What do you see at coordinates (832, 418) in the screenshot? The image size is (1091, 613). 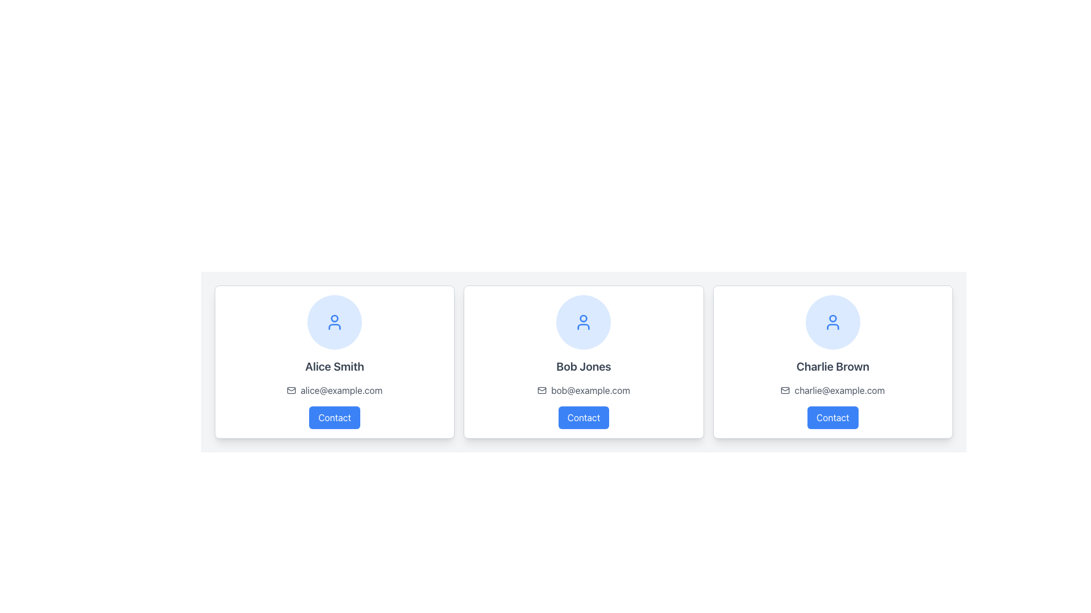 I see `the 'Contact' button located at the bottom center of the third profile card, which is a vibrant blue button with white bold text` at bounding box center [832, 418].